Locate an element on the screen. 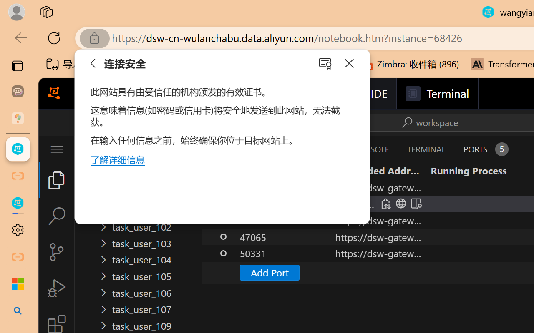 The image size is (534, 333). 'Microsoft security help and learning' is located at coordinates (18, 284).